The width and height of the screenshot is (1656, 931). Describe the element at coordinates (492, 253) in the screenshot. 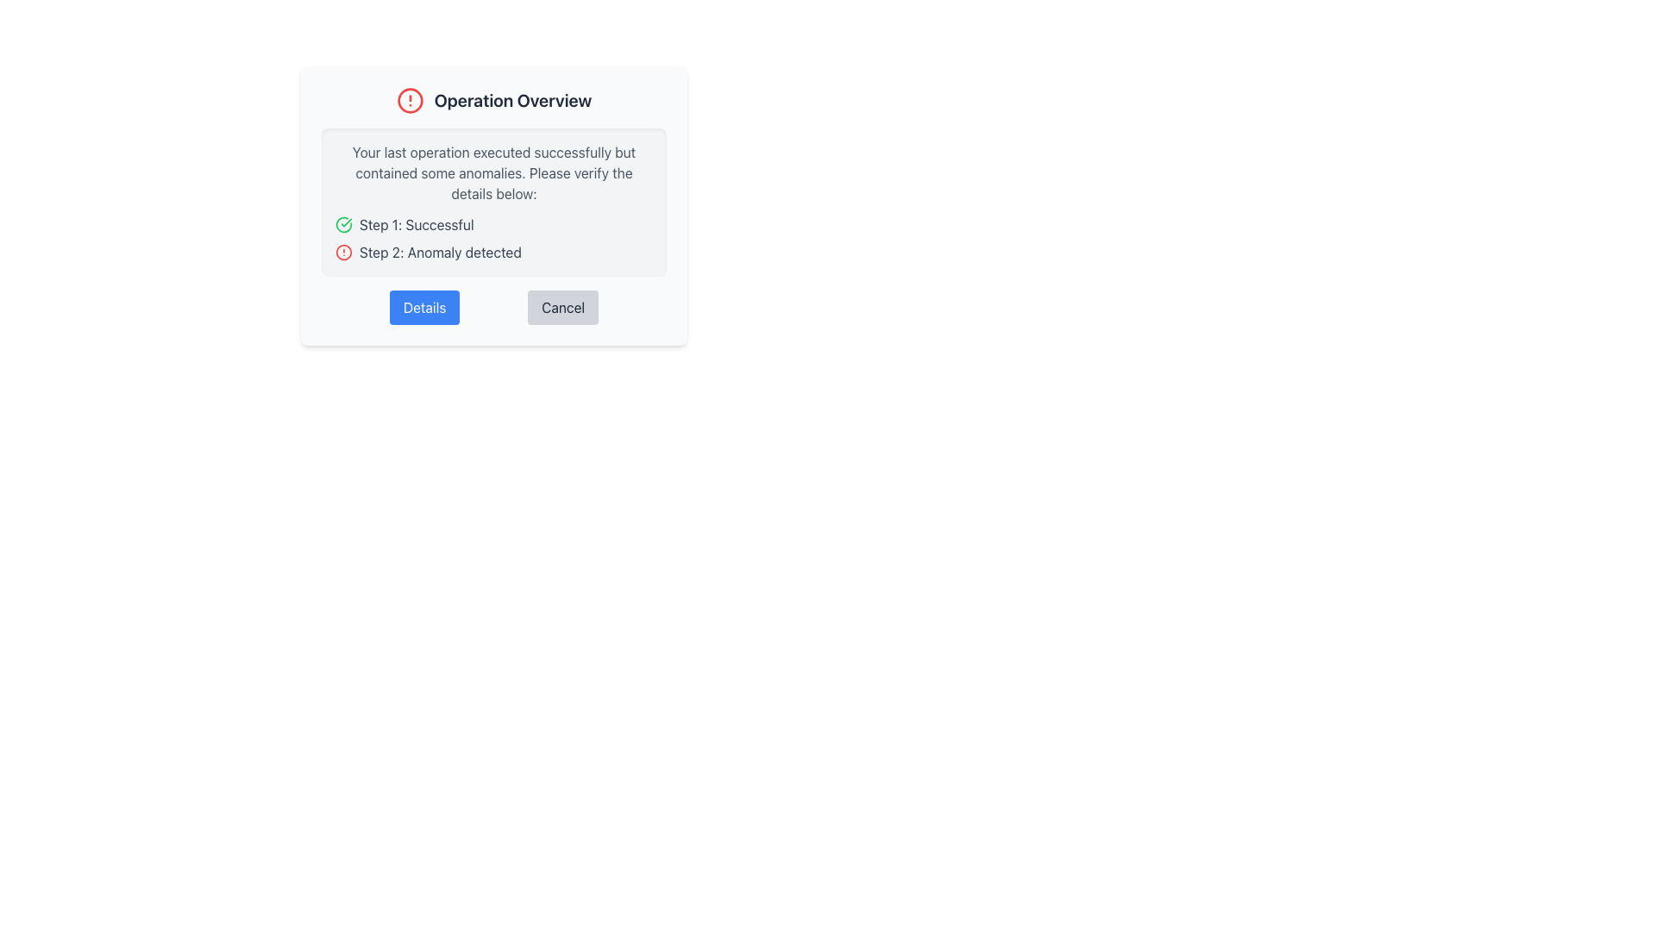

I see `the Status Indicator with Label that notifies about an anomaly detected during the second step of the operation in the 'Operation Overview' panel` at that location.